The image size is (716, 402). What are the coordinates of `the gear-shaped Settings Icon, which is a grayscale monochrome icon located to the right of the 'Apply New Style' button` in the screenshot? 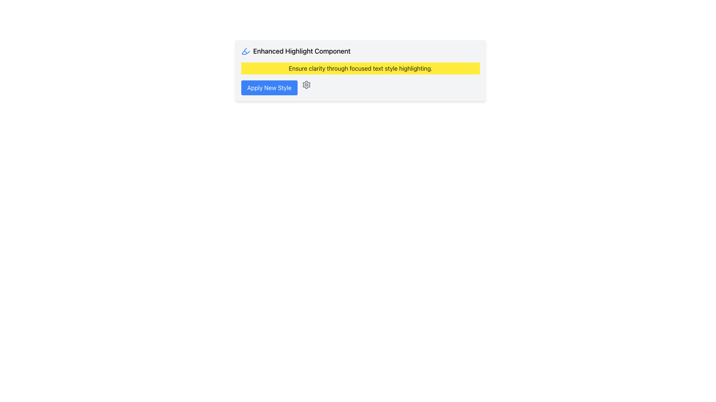 It's located at (306, 84).